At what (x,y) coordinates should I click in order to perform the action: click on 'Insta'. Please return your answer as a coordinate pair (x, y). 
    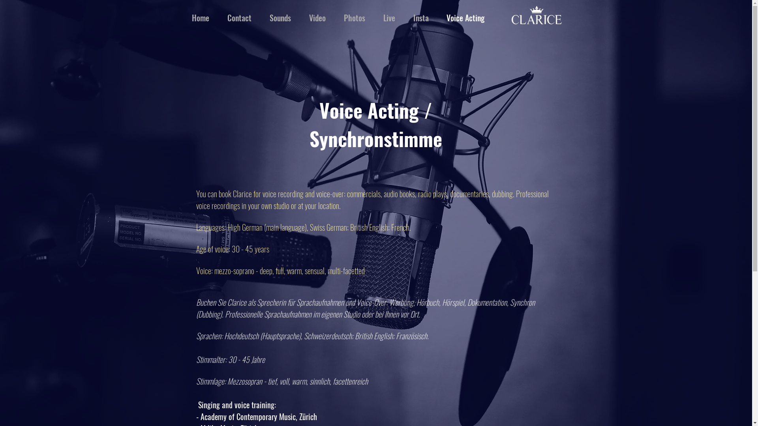
    Looking at the image, I should click on (404, 18).